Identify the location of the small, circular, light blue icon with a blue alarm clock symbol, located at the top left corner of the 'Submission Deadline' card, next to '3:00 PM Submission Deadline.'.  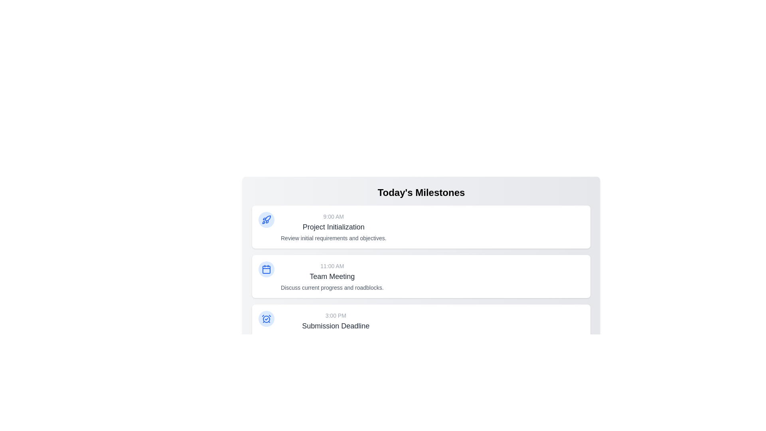
(266, 318).